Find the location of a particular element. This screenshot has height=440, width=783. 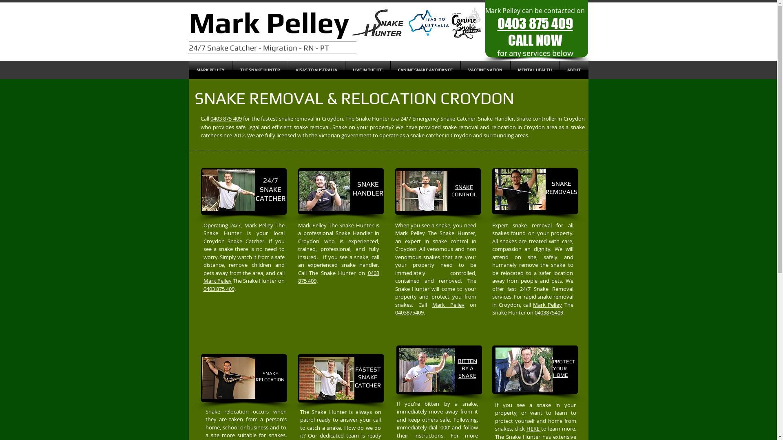

'VISAS TO AUSTRALIA' is located at coordinates (316, 69).